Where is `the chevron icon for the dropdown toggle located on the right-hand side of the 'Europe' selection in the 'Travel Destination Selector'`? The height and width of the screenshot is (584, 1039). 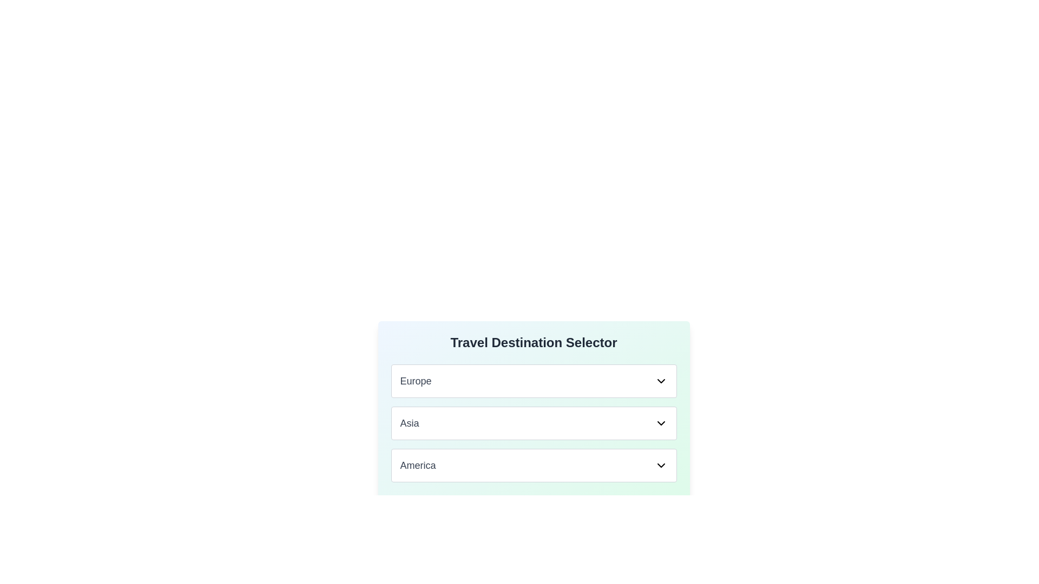
the chevron icon for the dropdown toggle located on the right-hand side of the 'Europe' selection in the 'Travel Destination Selector' is located at coordinates (660, 381).